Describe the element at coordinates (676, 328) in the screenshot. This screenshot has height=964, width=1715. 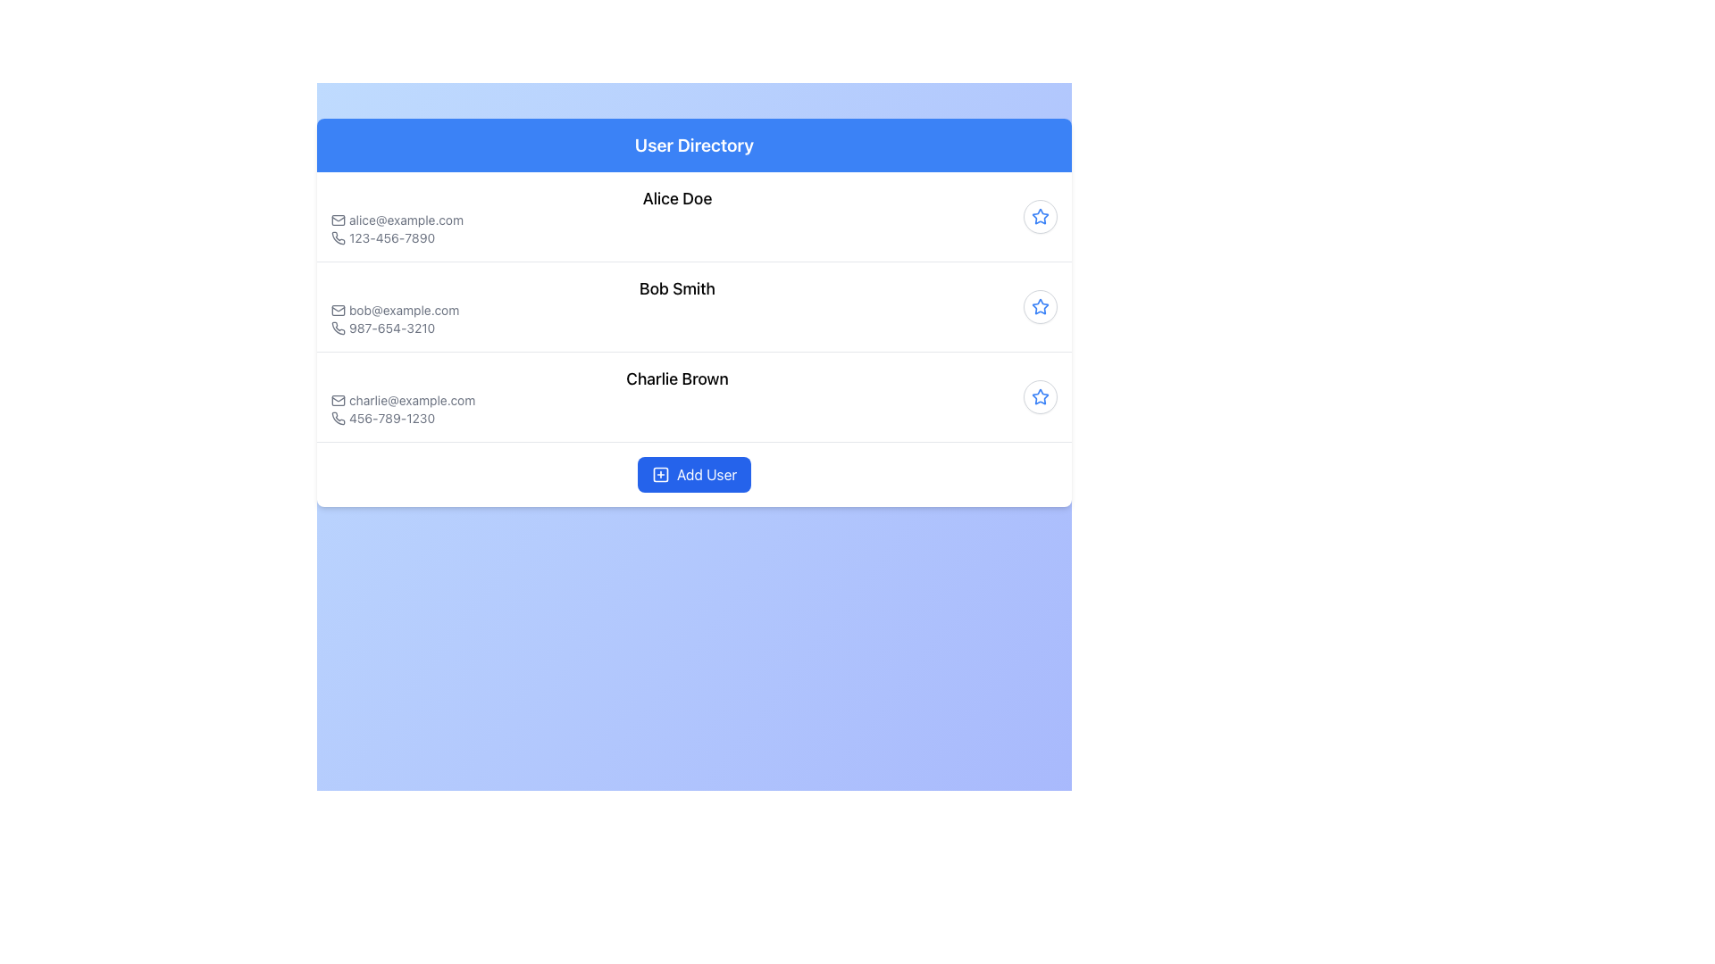
I see `the phone number display text label for user 'Bob Smith'` at that location.